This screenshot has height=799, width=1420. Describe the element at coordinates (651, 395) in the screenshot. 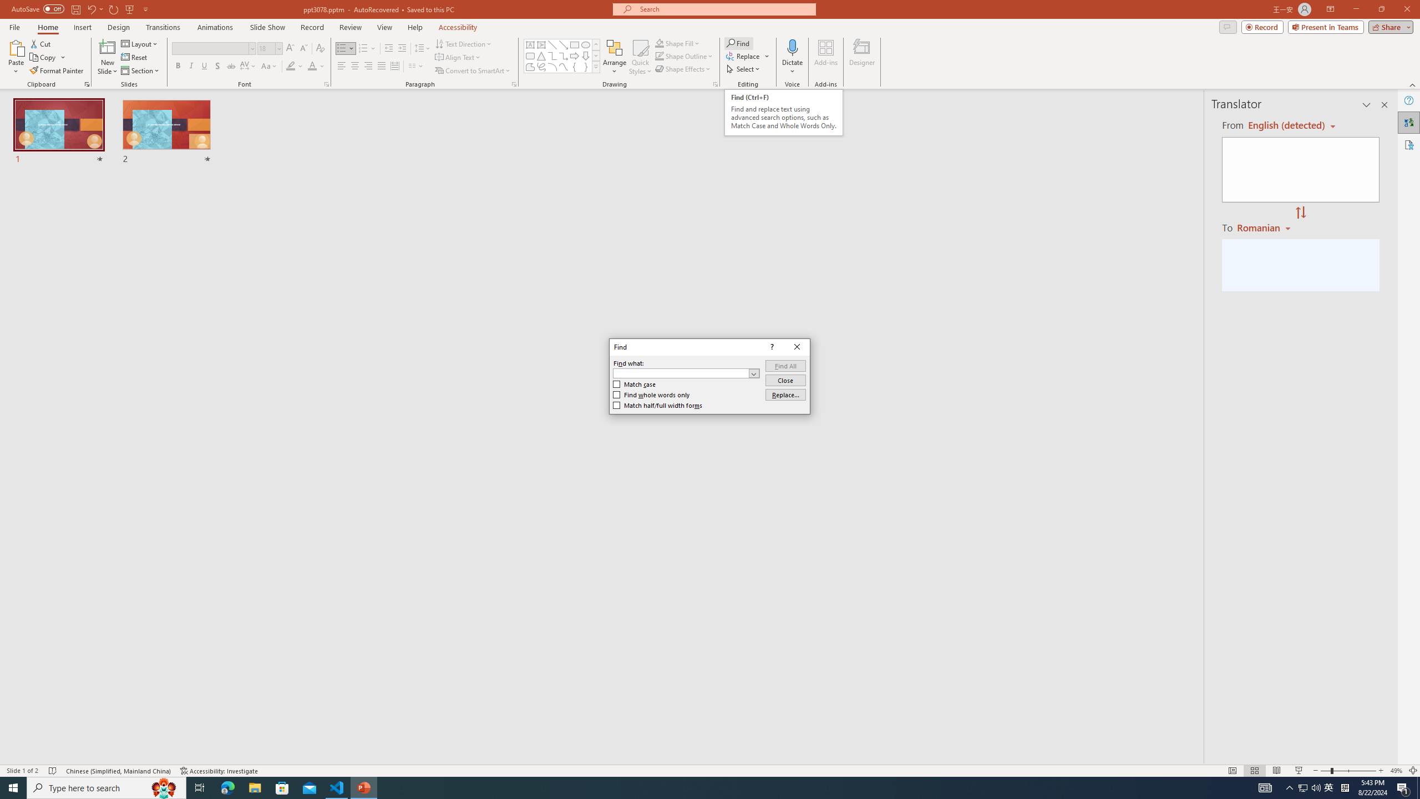

I see `'Find whole words only'` at that location.